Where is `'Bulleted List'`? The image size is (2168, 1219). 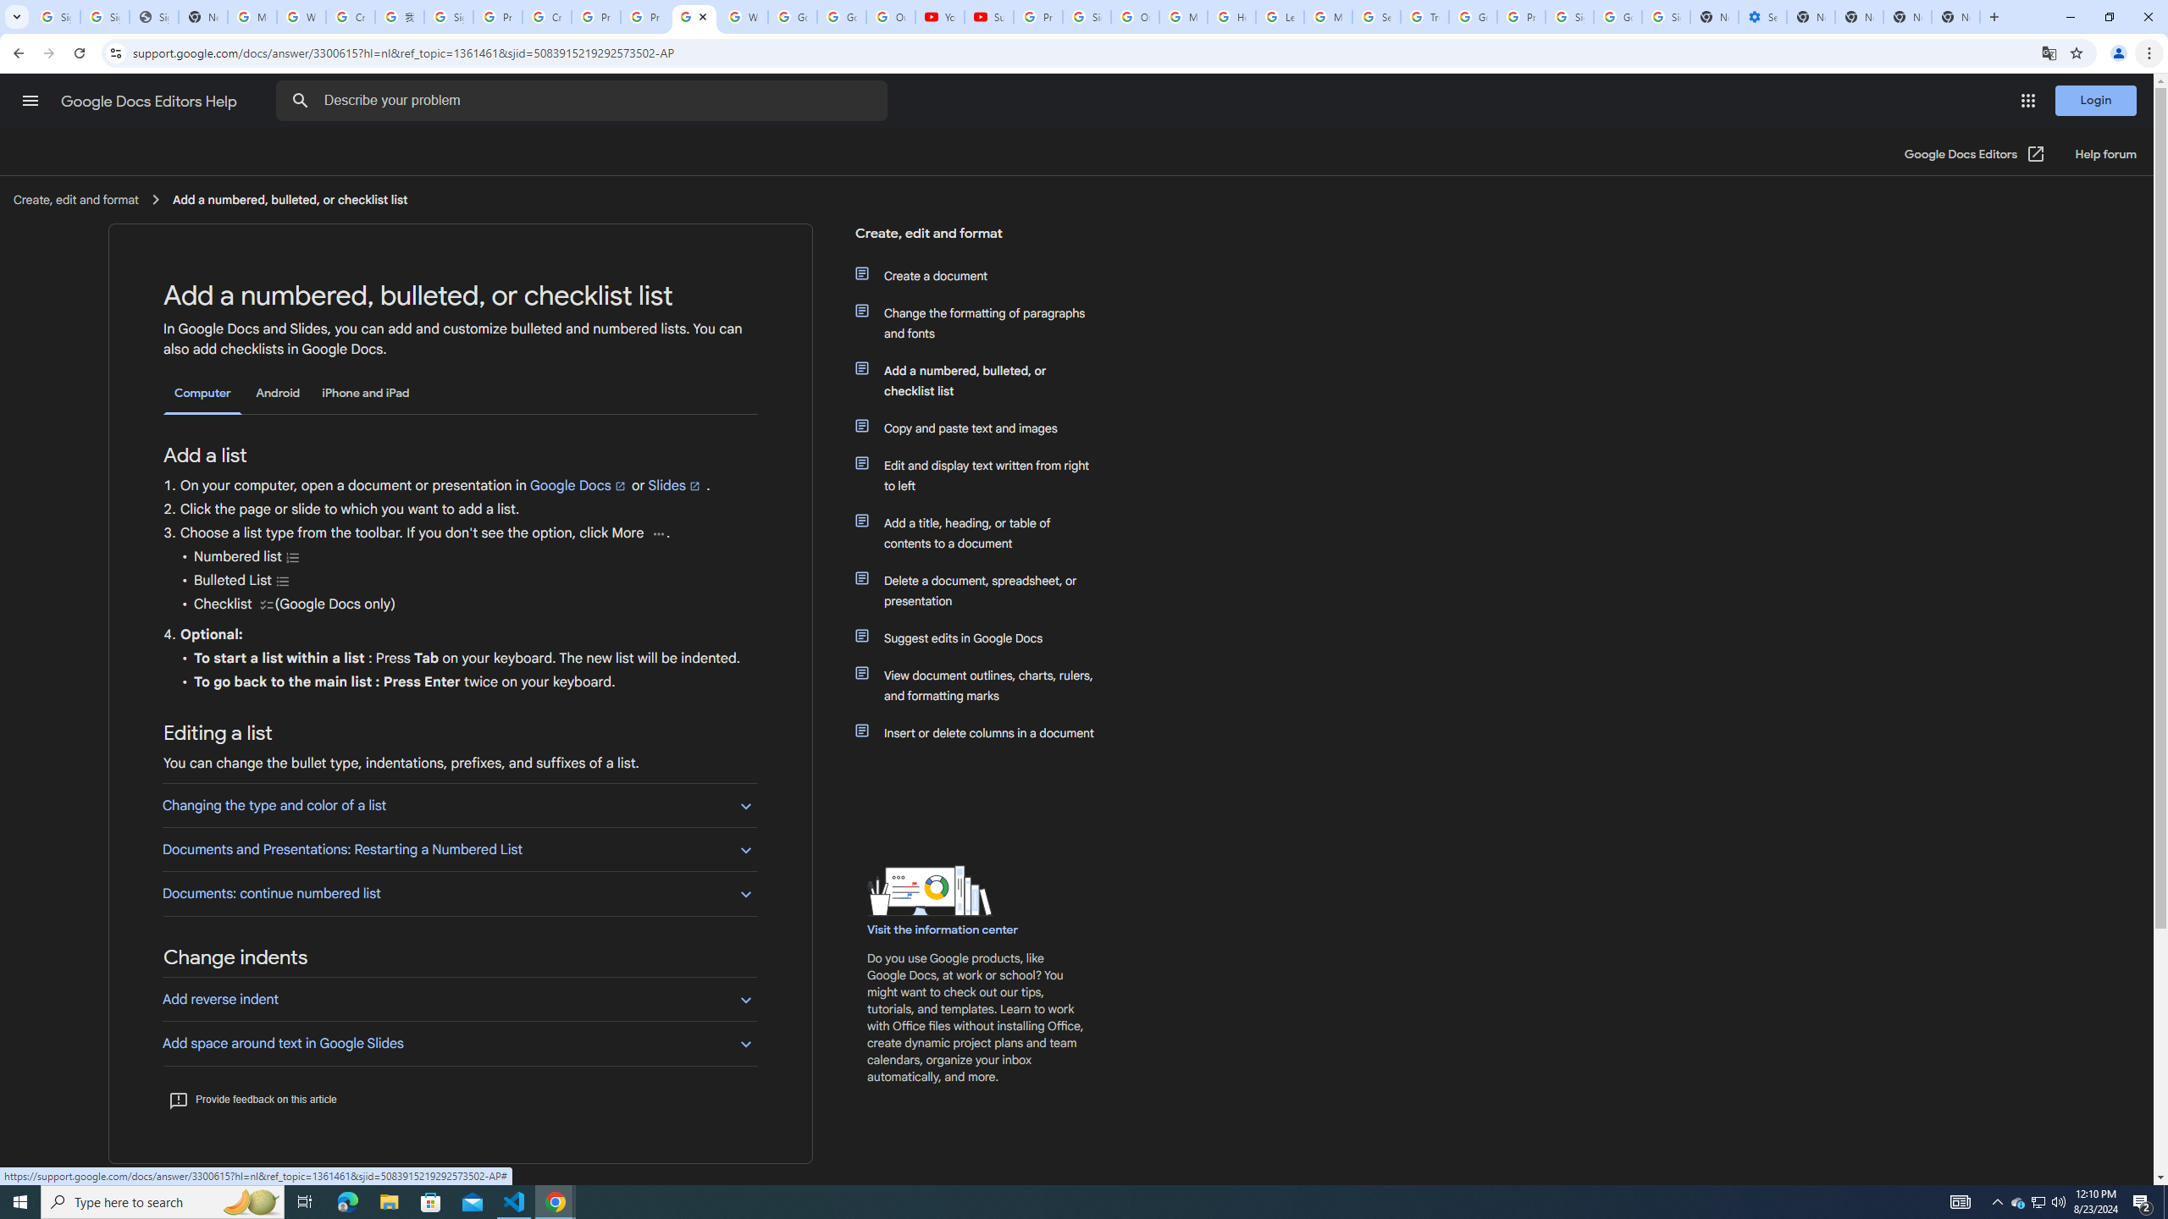 'Bulleted List' is located at coordinates (283, 580).